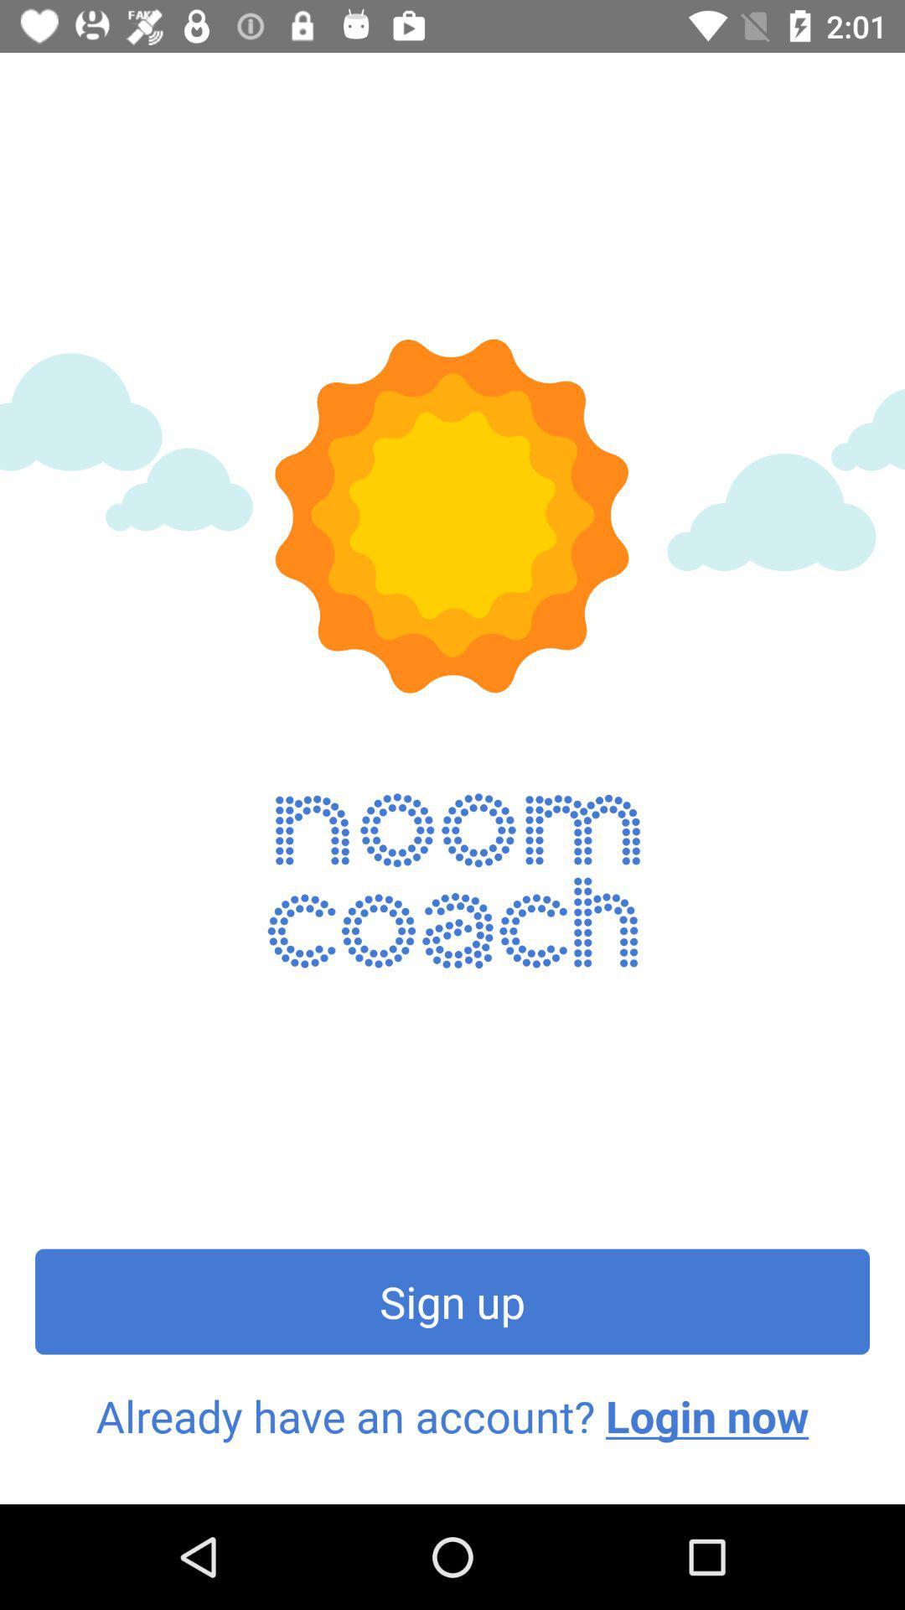 The image size is (905, 1610). What do you see at coordinates (452, 1301) in the screenshot?
I see `item above the already have an item` at bounding box center [452, 1301].